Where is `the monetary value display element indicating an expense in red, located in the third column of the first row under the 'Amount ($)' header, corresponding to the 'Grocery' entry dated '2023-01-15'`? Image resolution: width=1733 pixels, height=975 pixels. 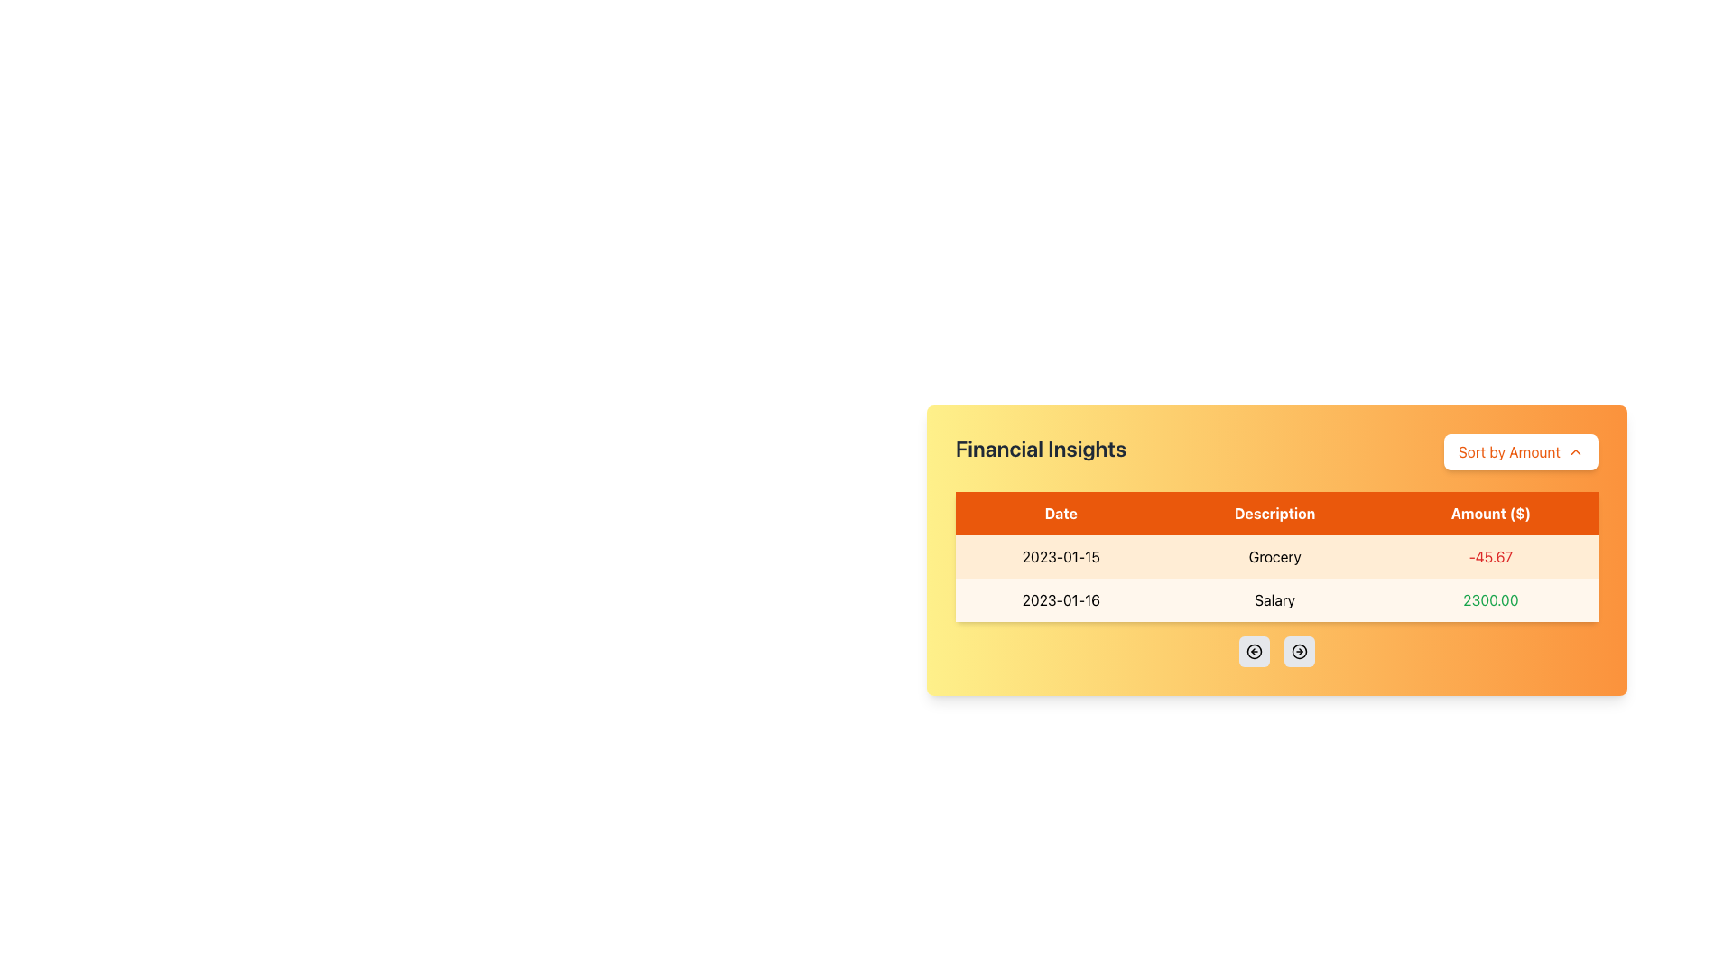
the monetary value display element indicating an expense in red, located in the third column of the first row under the 'Amount ($)' header, corresponding to the 'Grocery' entry dated '2023-01-15' is located at coordinates (1490, 556).